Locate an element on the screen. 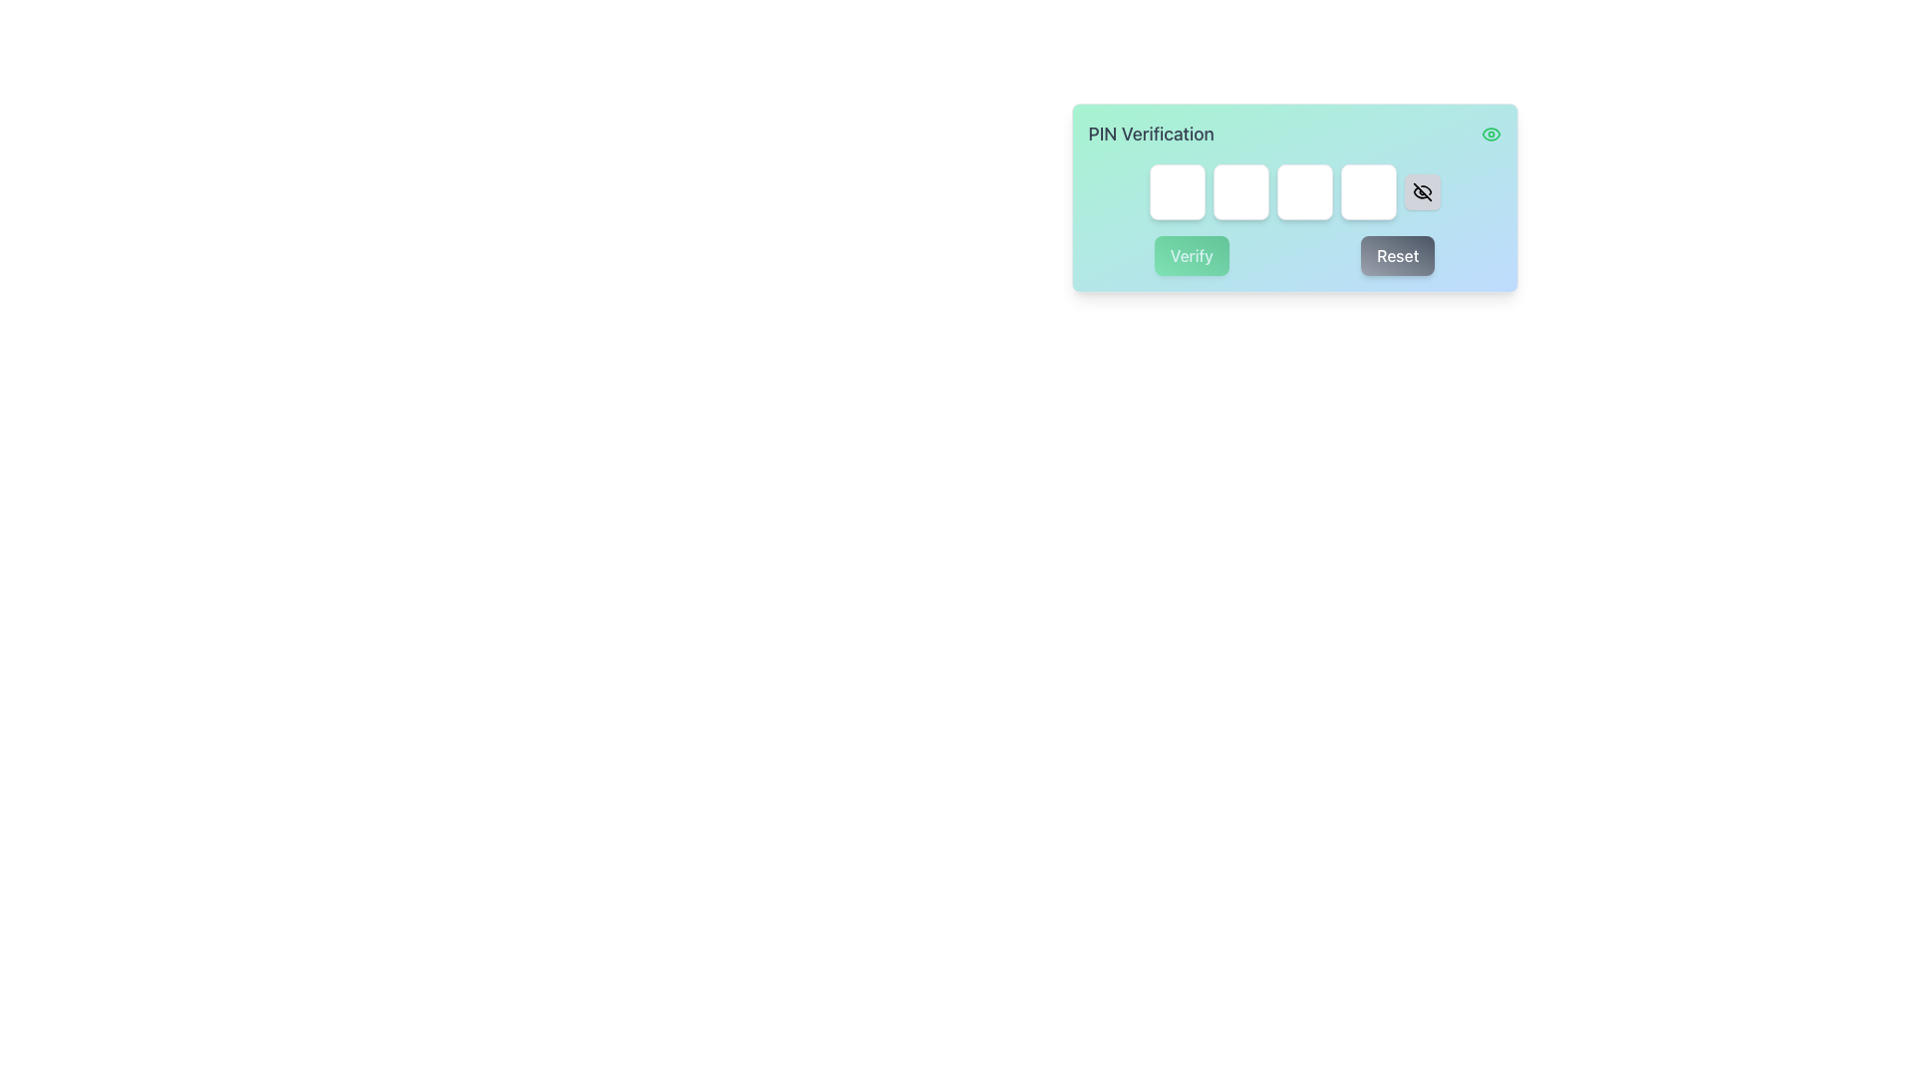  the 'Verify' button, which is a rectangular button with a gradient background from green to teal, white bold text, and rounded corners, located towards the bottom-left of the button group below the PIN input boxes is located at coordinates (1192, 255).